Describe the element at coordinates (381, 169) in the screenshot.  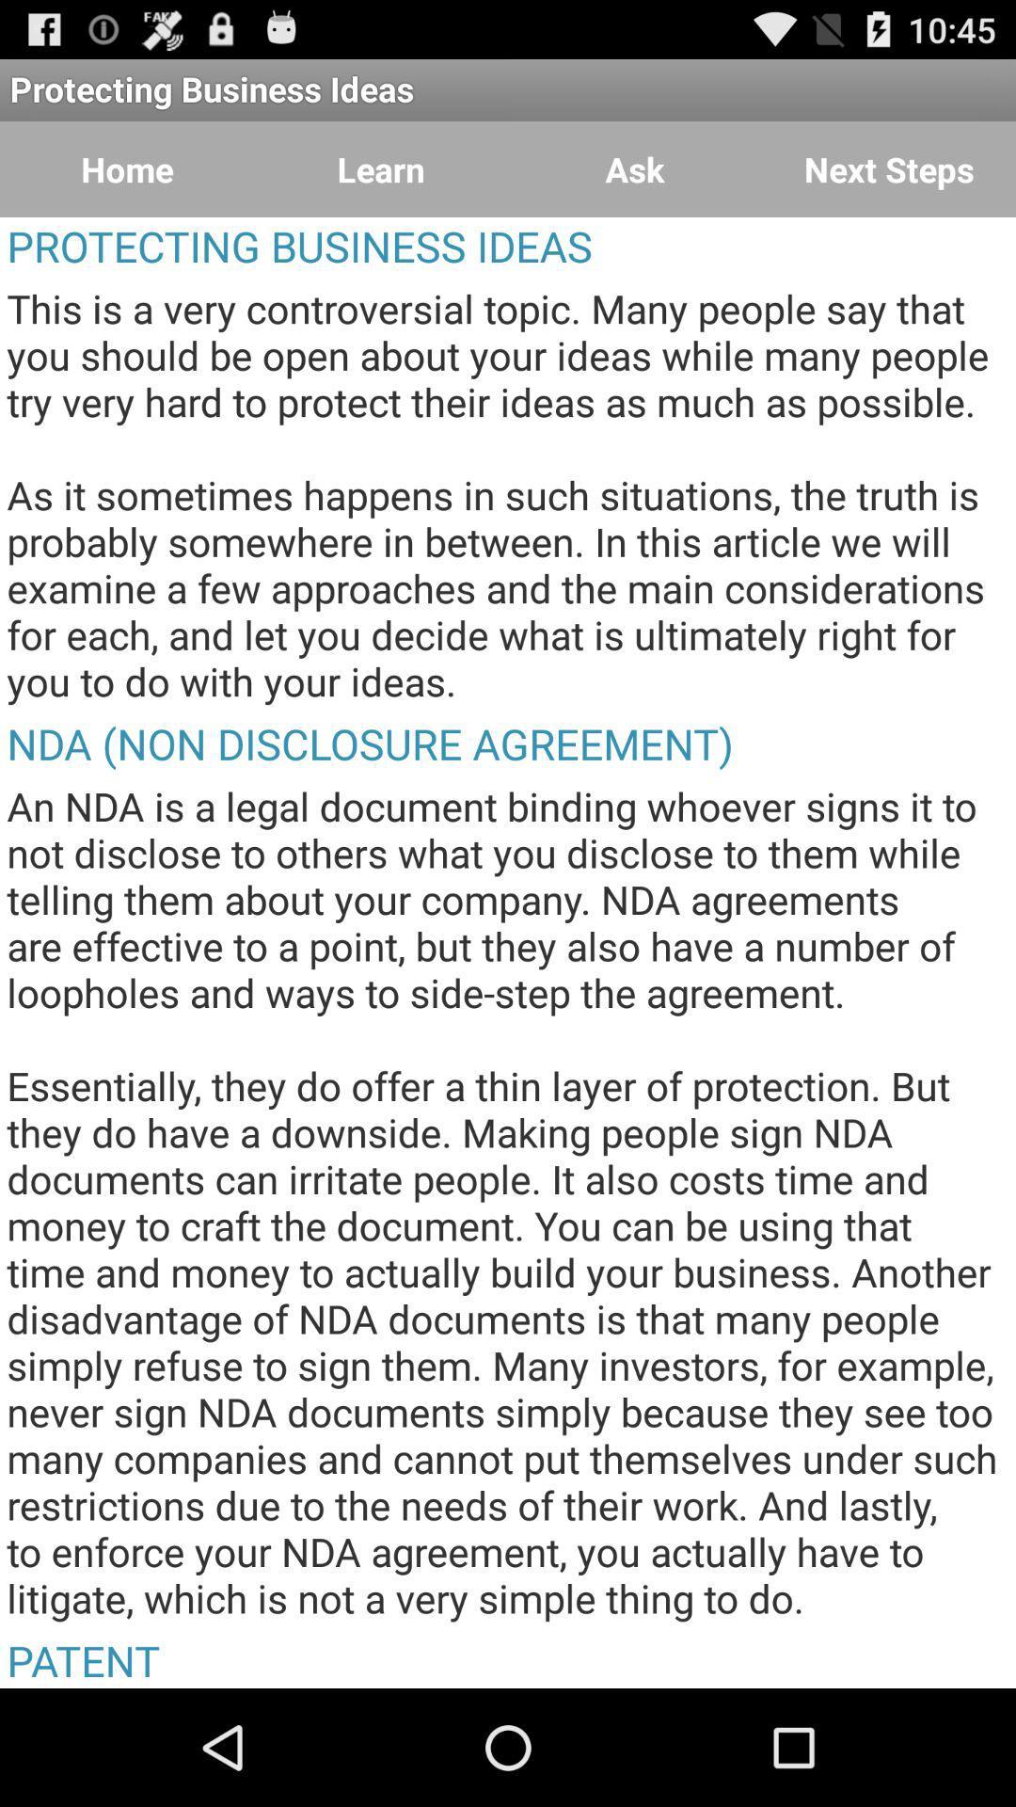
I see `the icon to the right of home icon` at that location.